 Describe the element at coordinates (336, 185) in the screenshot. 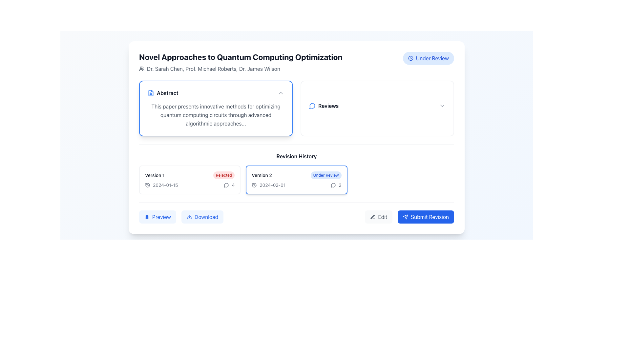

I see `the textual indicator showing the number of comments associated with the 'Version 2' entry in the revision history, located at the bottom right corner of the 'Version 2' card, following the date '2024-02-01' and aligning with a speech bubble icon` at that location.